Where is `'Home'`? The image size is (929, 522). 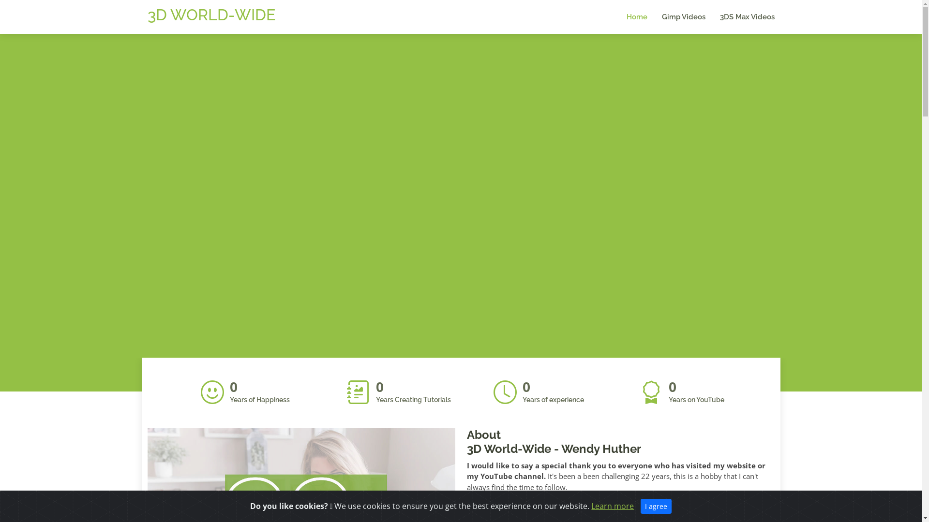 'Home' is located at coordinates (629, 17).